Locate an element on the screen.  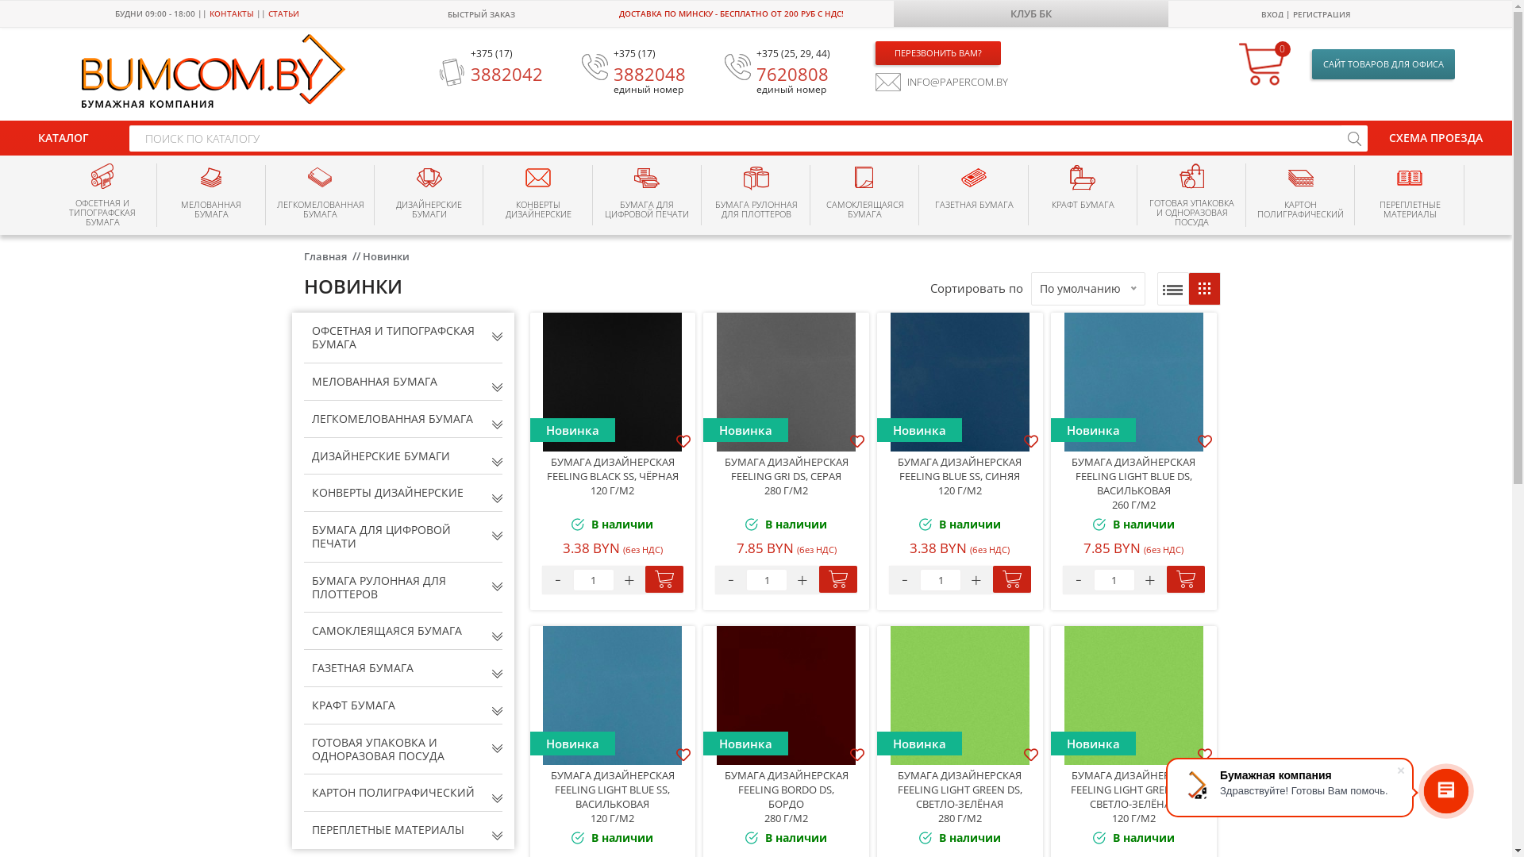
'INFO@PAPERCOM.BY' is located at coordinates (941, 82).